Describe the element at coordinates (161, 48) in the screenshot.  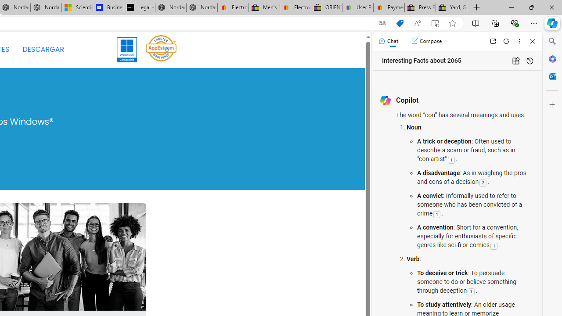
I see `'App Esteem'` at that location.